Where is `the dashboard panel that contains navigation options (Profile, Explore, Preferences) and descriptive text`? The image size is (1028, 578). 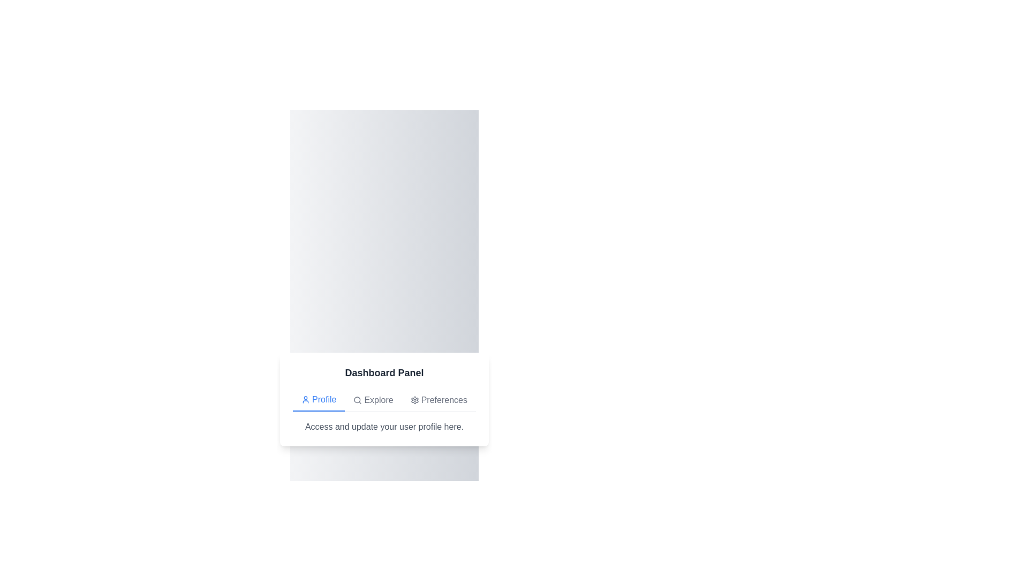 the dashboard panel that contains navigation options (Profile, Explore, Preferences) and descriptive text is located at coordinates (384, 399).